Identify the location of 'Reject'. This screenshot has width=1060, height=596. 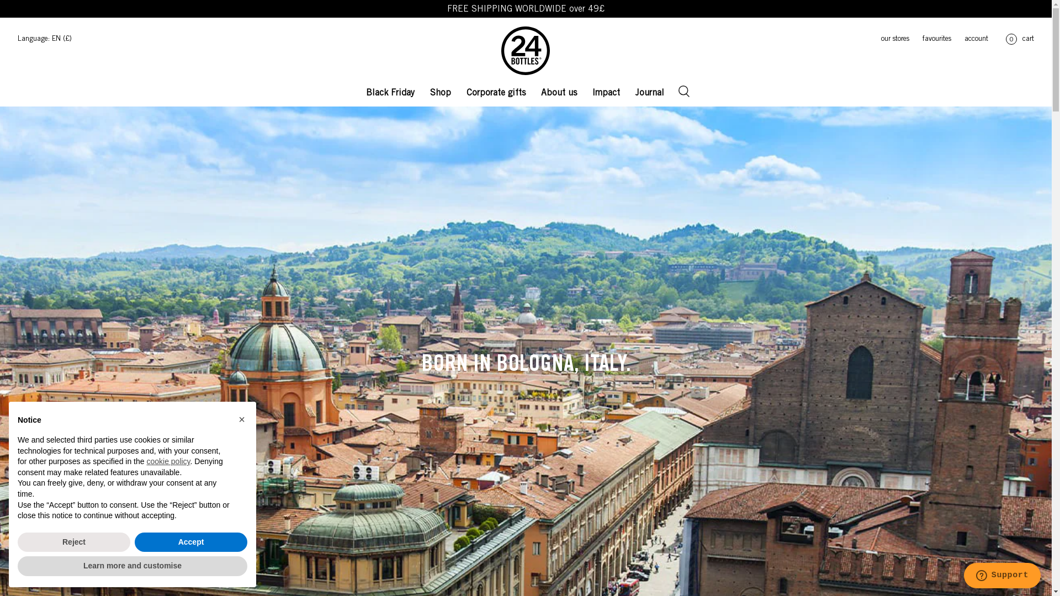
(73, 542).